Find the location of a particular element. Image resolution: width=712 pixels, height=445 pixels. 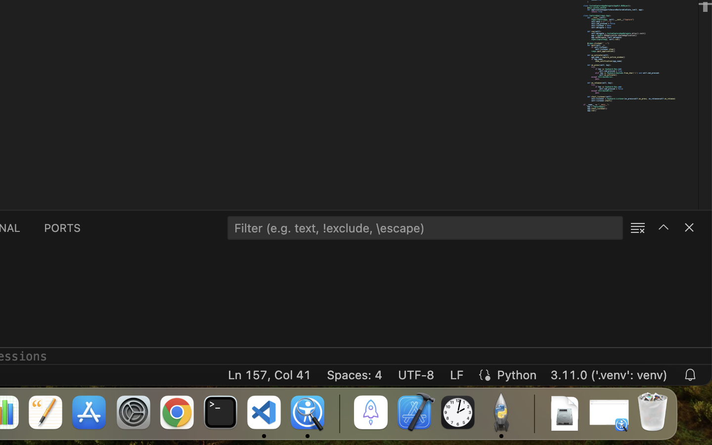

'' is located at coordinates (663, 226).